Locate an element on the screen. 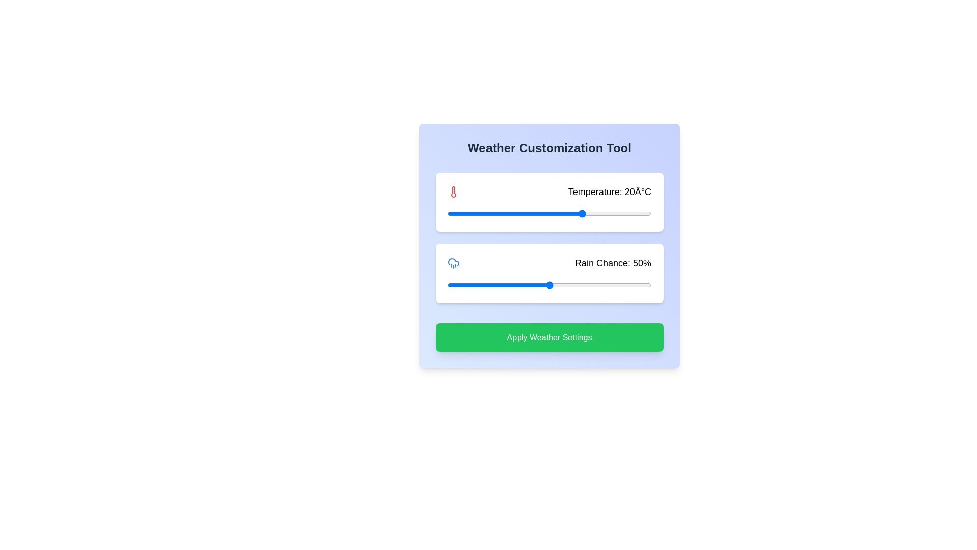 This screenshot has width=977, height=550. the 'Apply Weather Settings' button is located at coordinates (549, 338).